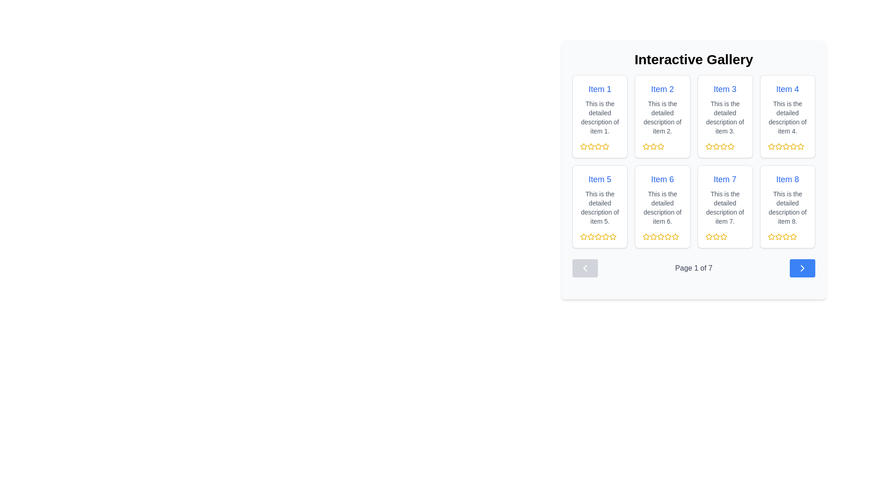 The image size is (875, 492). I want to click on the navigation button located at the bottom-right corner of the pagination bar, so click(803, 268).